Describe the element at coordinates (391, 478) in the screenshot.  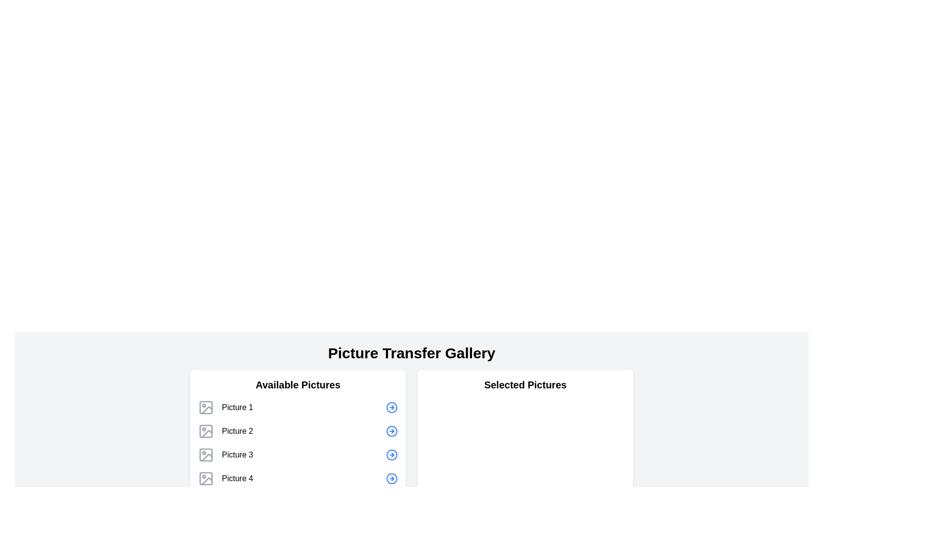
I see `the circular blue button with a right arrow icon located next to the text 'Picture 4' to observe the hover effect` at that location.